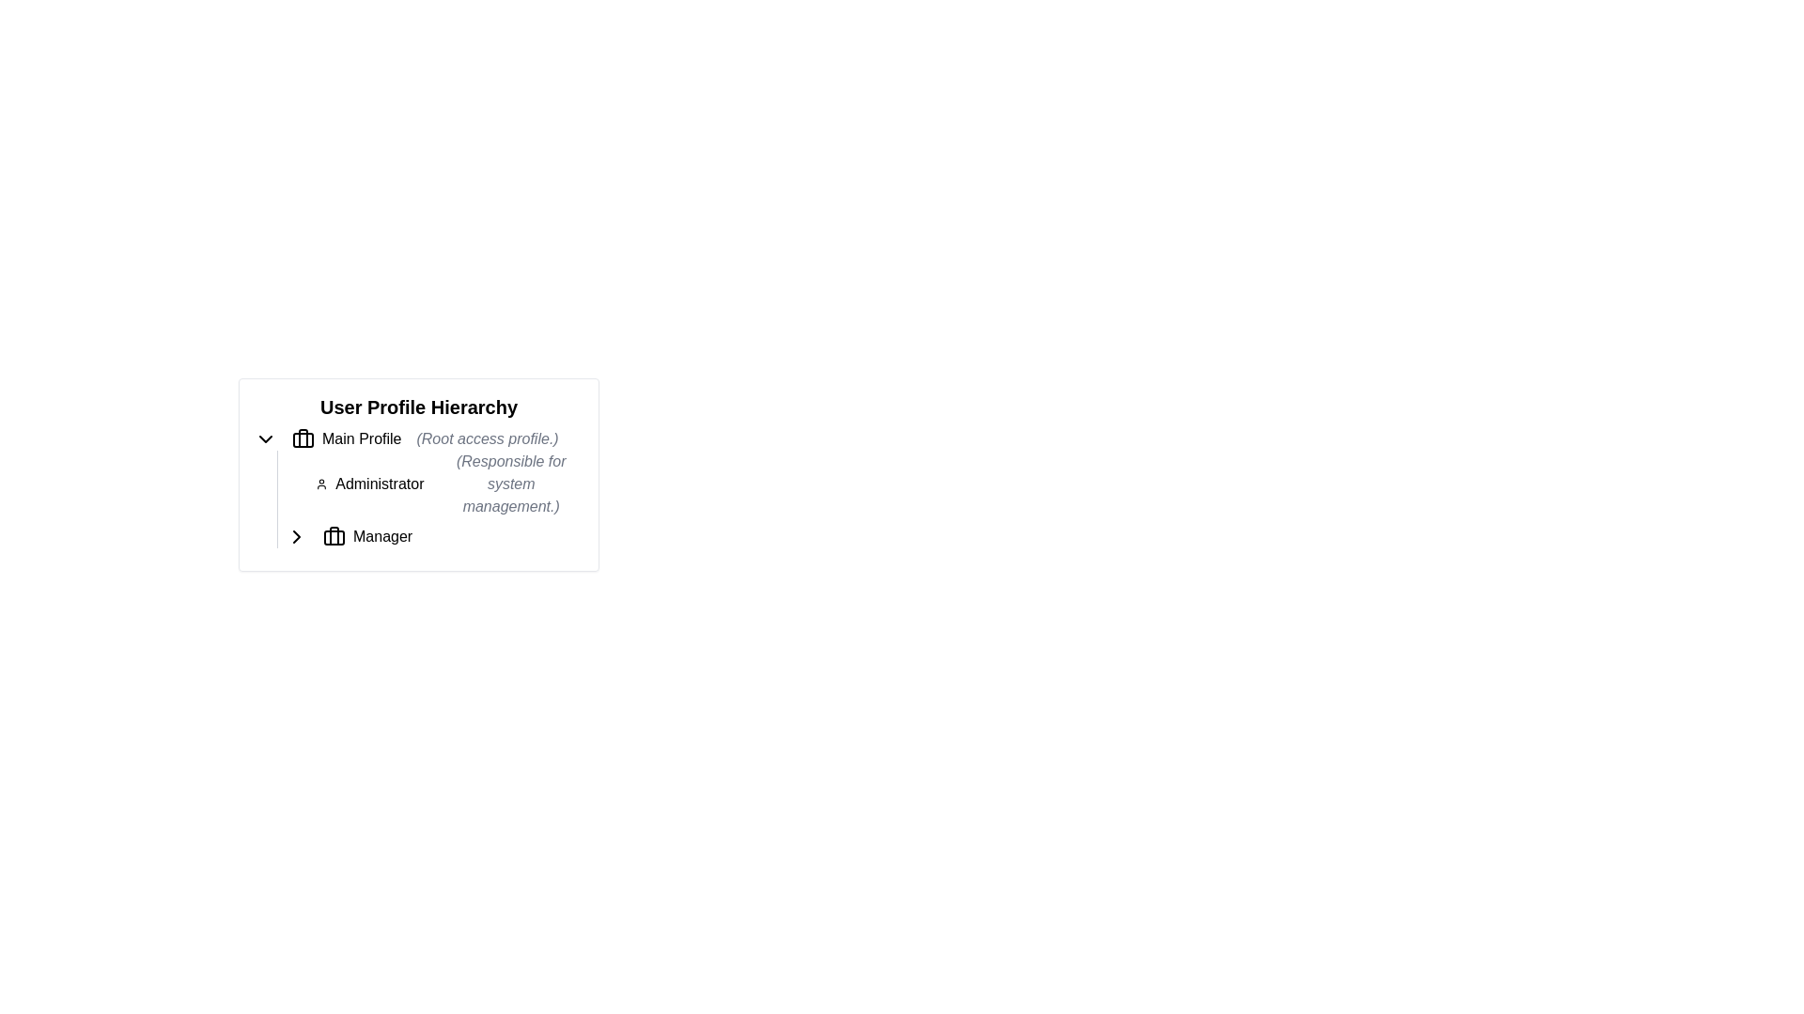 The height and width of the screenshot is (1014, 1804). What do you see at coordinates (320, 484) in the screenshot?
I see `user icon represented as a minimalist vector graphic of a human figure, located within the 'Administrator' list item` at bounding box center [320, 484].